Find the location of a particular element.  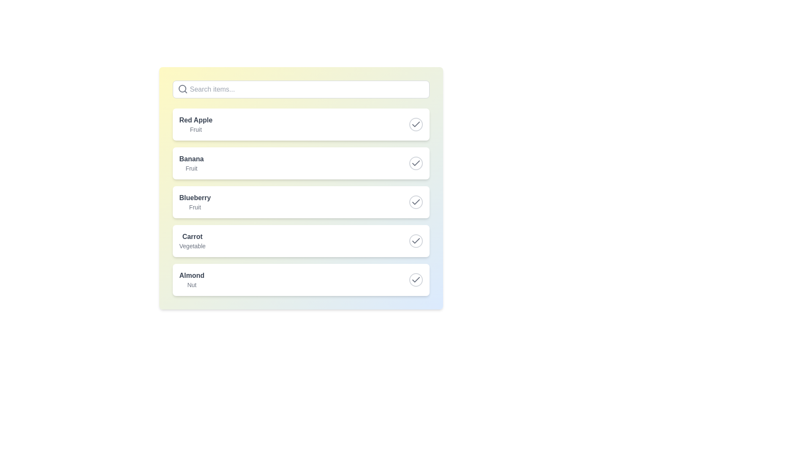

the checkmark icon indicating that the 'Blueberry' item has been selected or confirmed is located at coordinates (416, 202).